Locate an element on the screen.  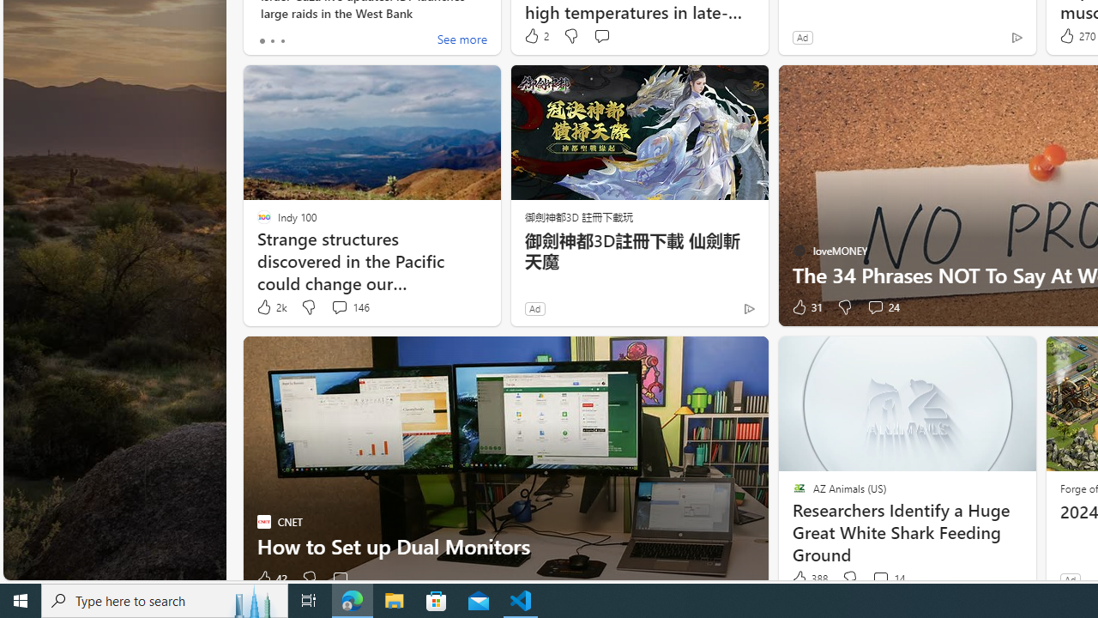
'2k Like' is located at coordinates (269, 306).